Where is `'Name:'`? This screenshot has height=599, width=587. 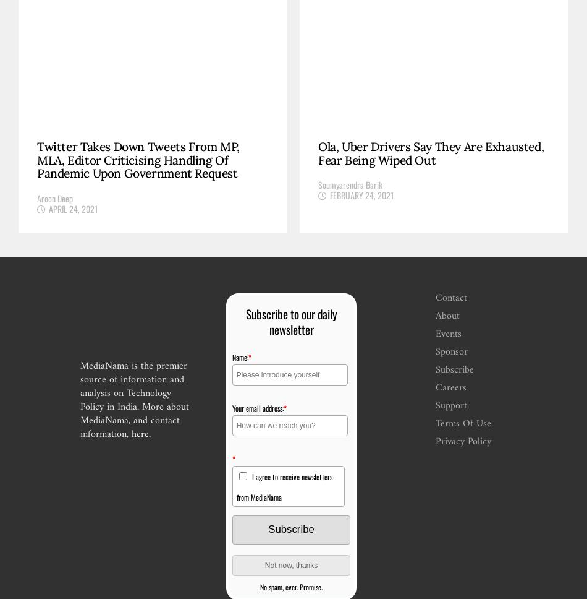
'Name:' is located at coordinates (230, 356).